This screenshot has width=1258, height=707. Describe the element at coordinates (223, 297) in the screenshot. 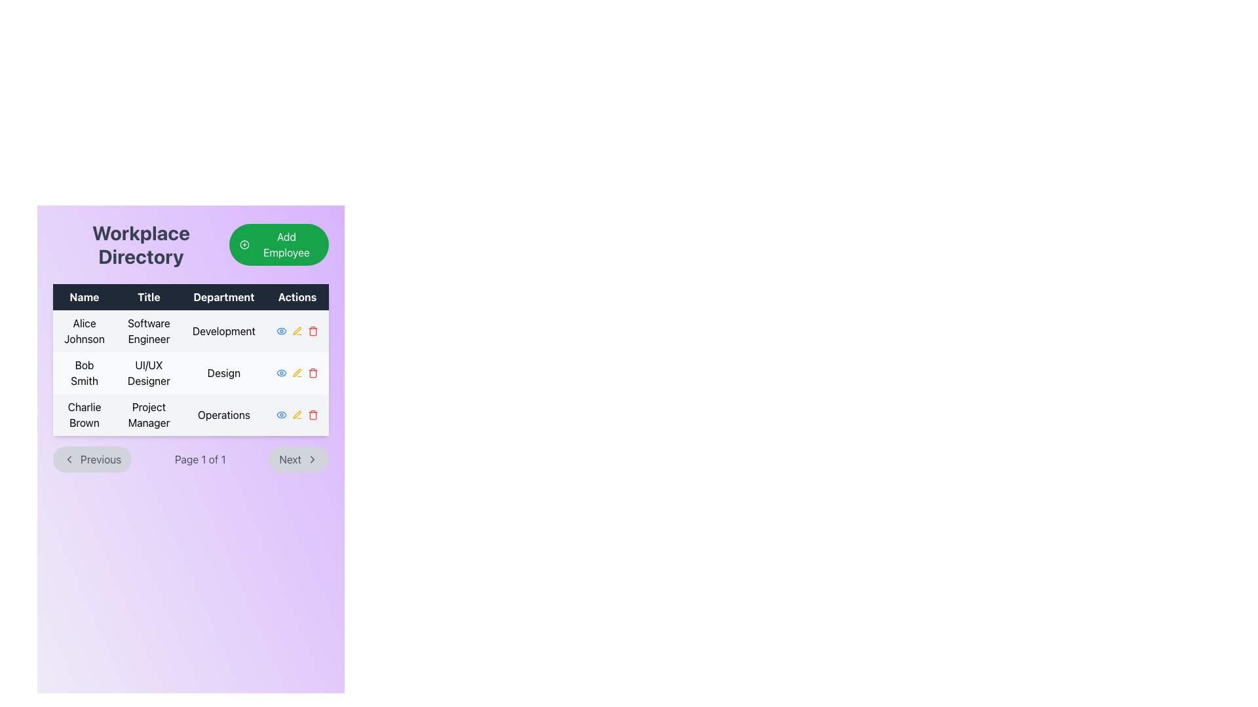

I see `the 'Department' column header in the table, which is the third item between 'Title' and 'Actions'` at that location.